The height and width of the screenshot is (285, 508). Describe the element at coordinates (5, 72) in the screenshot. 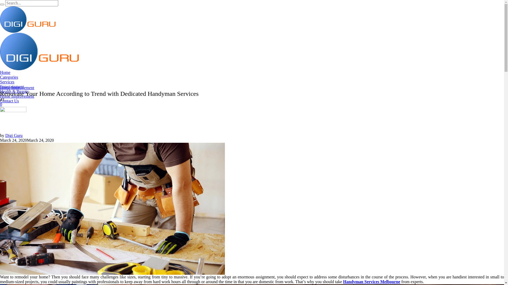

I see `'Home'` at that location.